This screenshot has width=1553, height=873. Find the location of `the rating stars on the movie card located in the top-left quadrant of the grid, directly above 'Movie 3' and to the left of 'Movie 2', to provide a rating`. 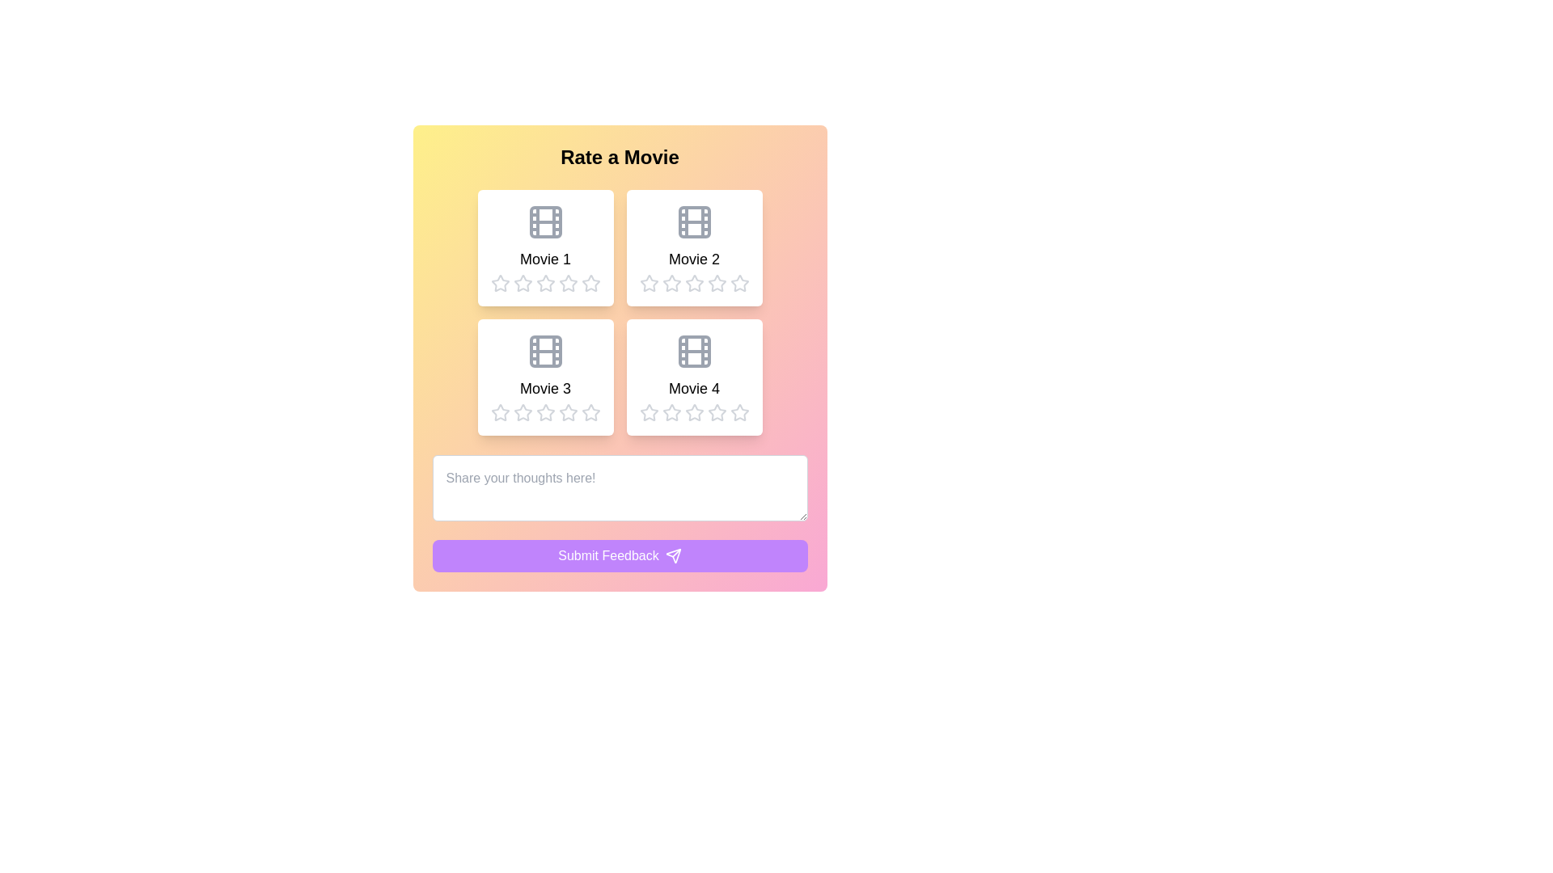

the rating stars on the movie card located in the top-left quadrant of the grid, directly above 'Movie 3' and to the left of 'Movie 2', to provide a rating is located at coordinates (545, 248).